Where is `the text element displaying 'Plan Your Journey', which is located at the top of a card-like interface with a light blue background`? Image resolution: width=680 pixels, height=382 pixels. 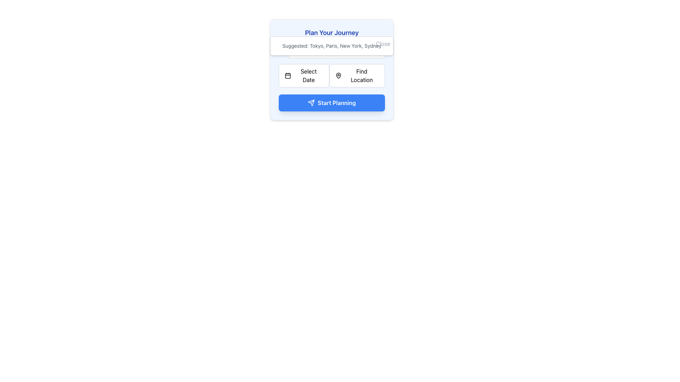
the text element displaying 'Plan Your Journey', which is located at the top of a card-like interface with a light blue background is located at coordinates (331, 33).